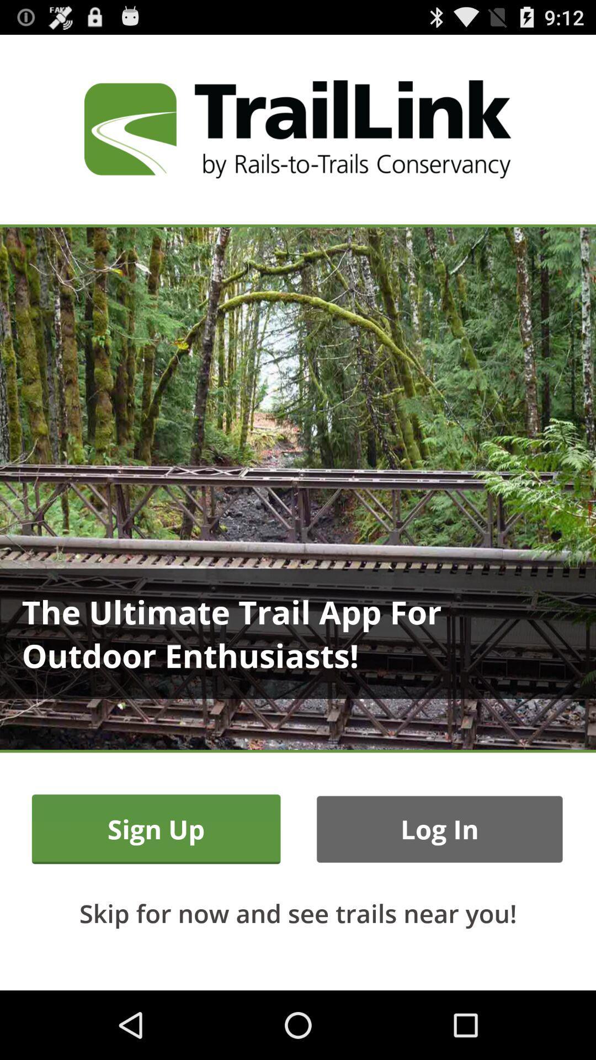 The image size is (596, 1060). I want to click on skip for now item, so click(298, 913).